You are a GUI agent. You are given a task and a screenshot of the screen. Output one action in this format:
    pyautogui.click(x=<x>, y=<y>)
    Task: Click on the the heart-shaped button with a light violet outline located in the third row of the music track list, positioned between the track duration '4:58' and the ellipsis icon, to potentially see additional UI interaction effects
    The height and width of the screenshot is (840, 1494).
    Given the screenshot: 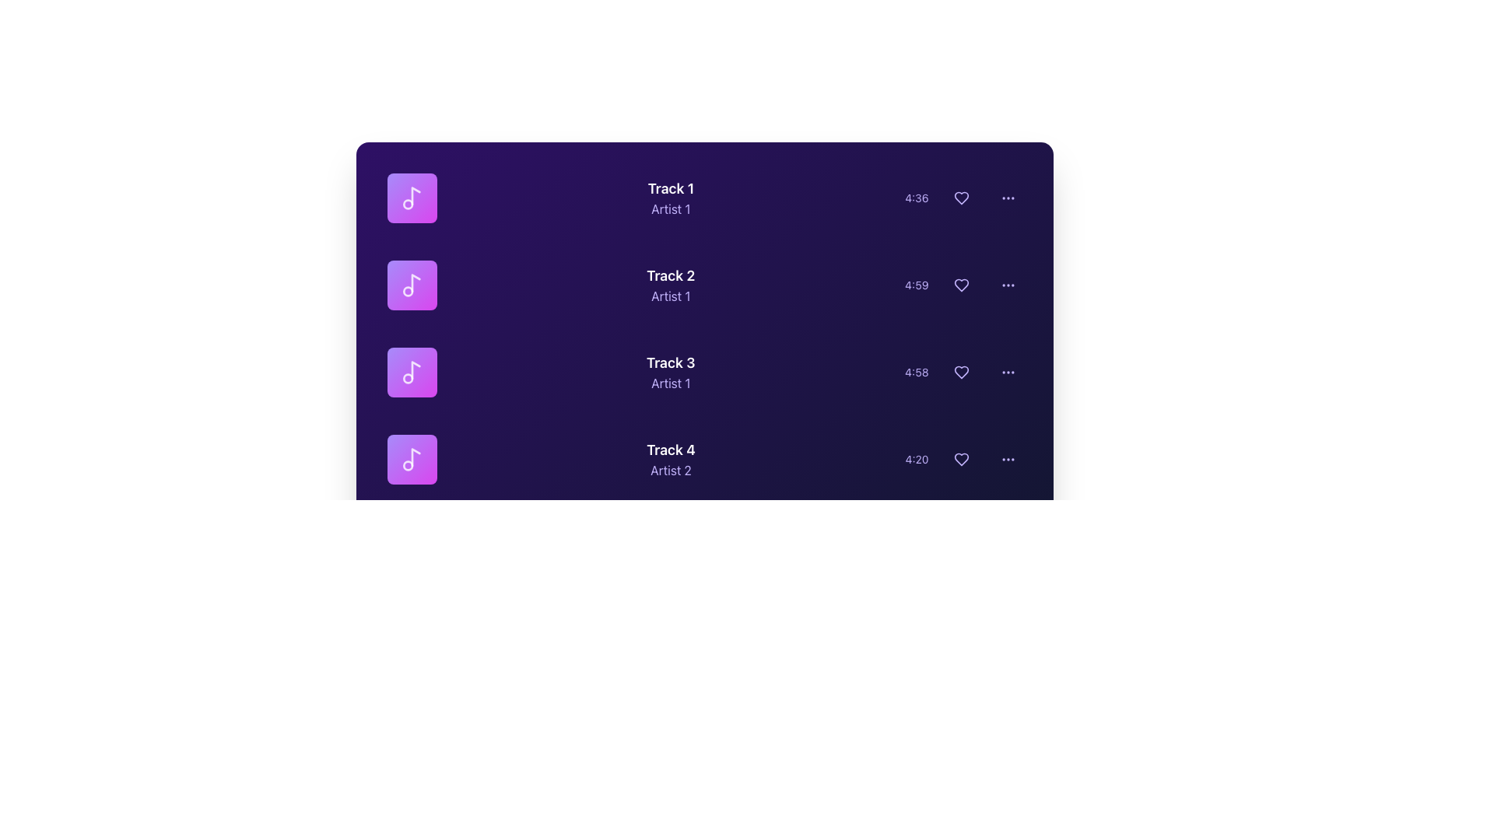 What is the action you would take?
    pyautogui.click(x=963, y=372)
    